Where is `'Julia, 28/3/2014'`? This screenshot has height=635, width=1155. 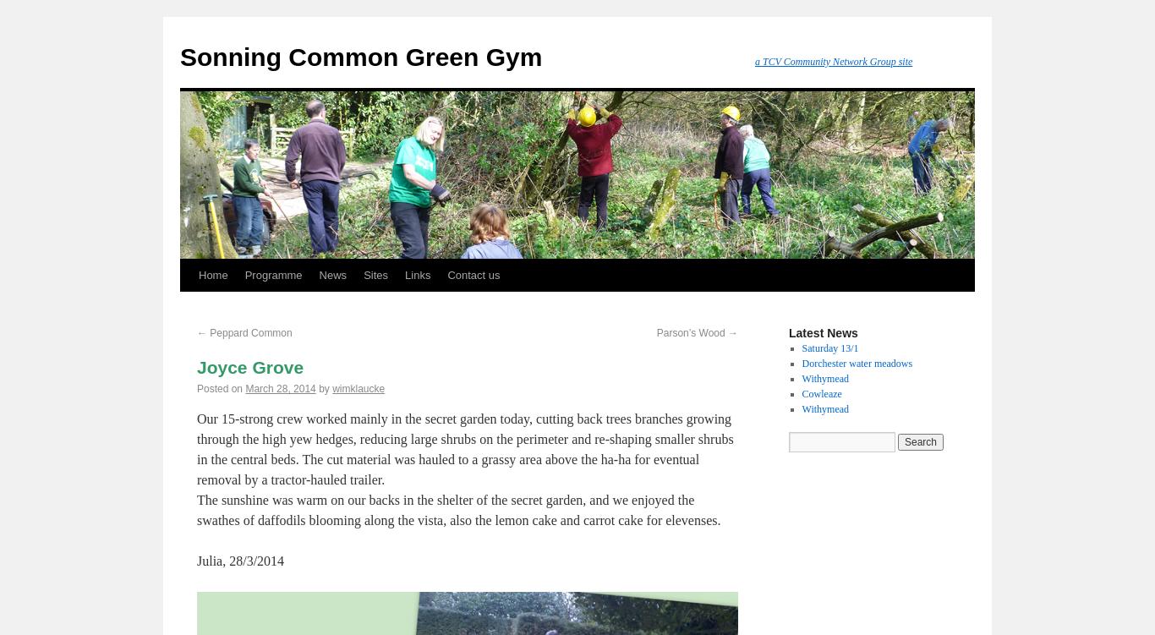 'Julia, 28/3/2014' is located at coordinates (240, 561).